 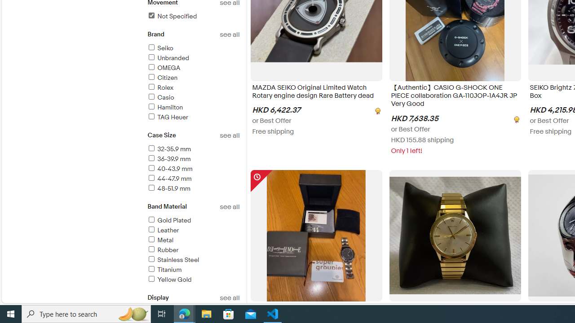 What do you see at coordinates (169, 279) in the screenshot?
I see `'Yellow Gold'` at bounding box center [169, 279].